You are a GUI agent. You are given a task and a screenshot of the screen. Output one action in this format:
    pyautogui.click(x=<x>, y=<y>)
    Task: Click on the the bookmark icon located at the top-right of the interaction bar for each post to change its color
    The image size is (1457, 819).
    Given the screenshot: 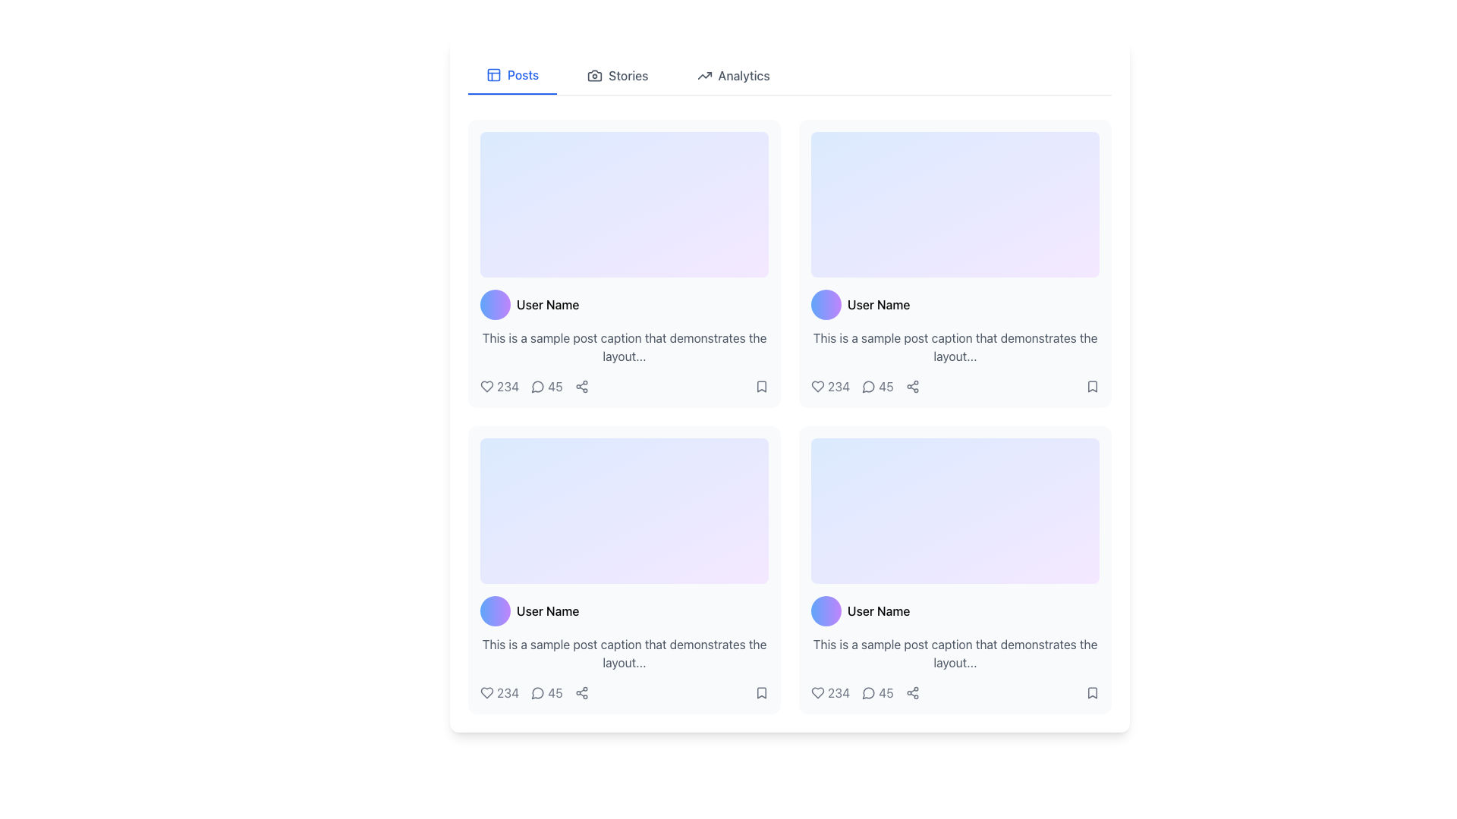 What is the action you would take?
    pyautogui.click(x=761, y=385)
    